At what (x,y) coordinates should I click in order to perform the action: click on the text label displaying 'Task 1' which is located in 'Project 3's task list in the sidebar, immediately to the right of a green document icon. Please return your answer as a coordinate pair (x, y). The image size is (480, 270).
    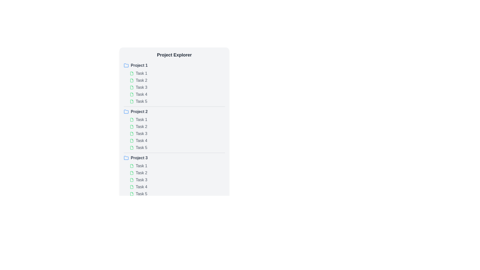
    Looking at the image, I should click on (141, 166).